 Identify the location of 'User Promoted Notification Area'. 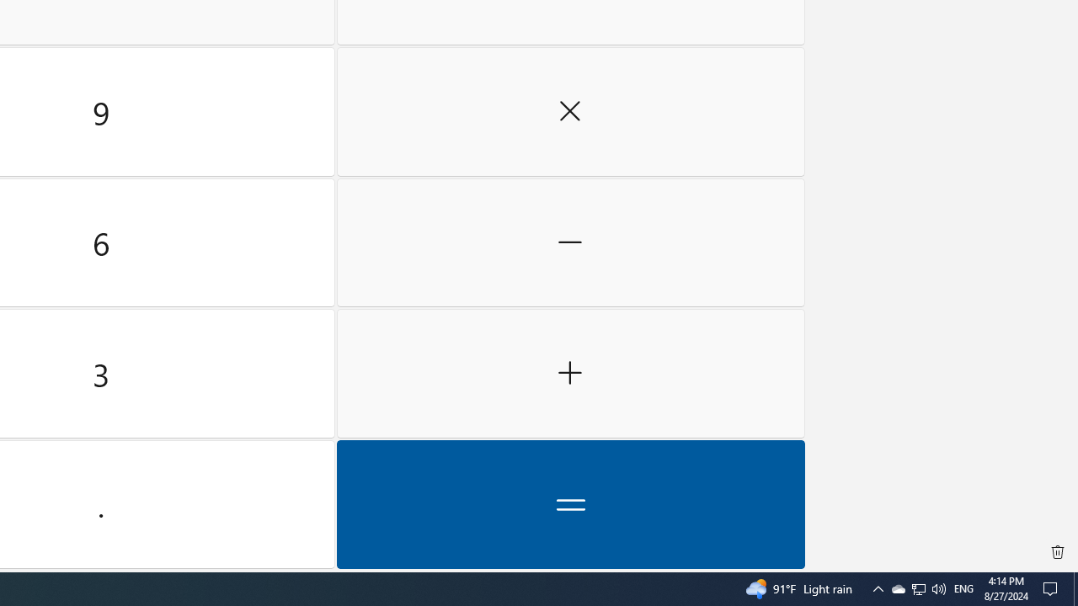
(917, 587).